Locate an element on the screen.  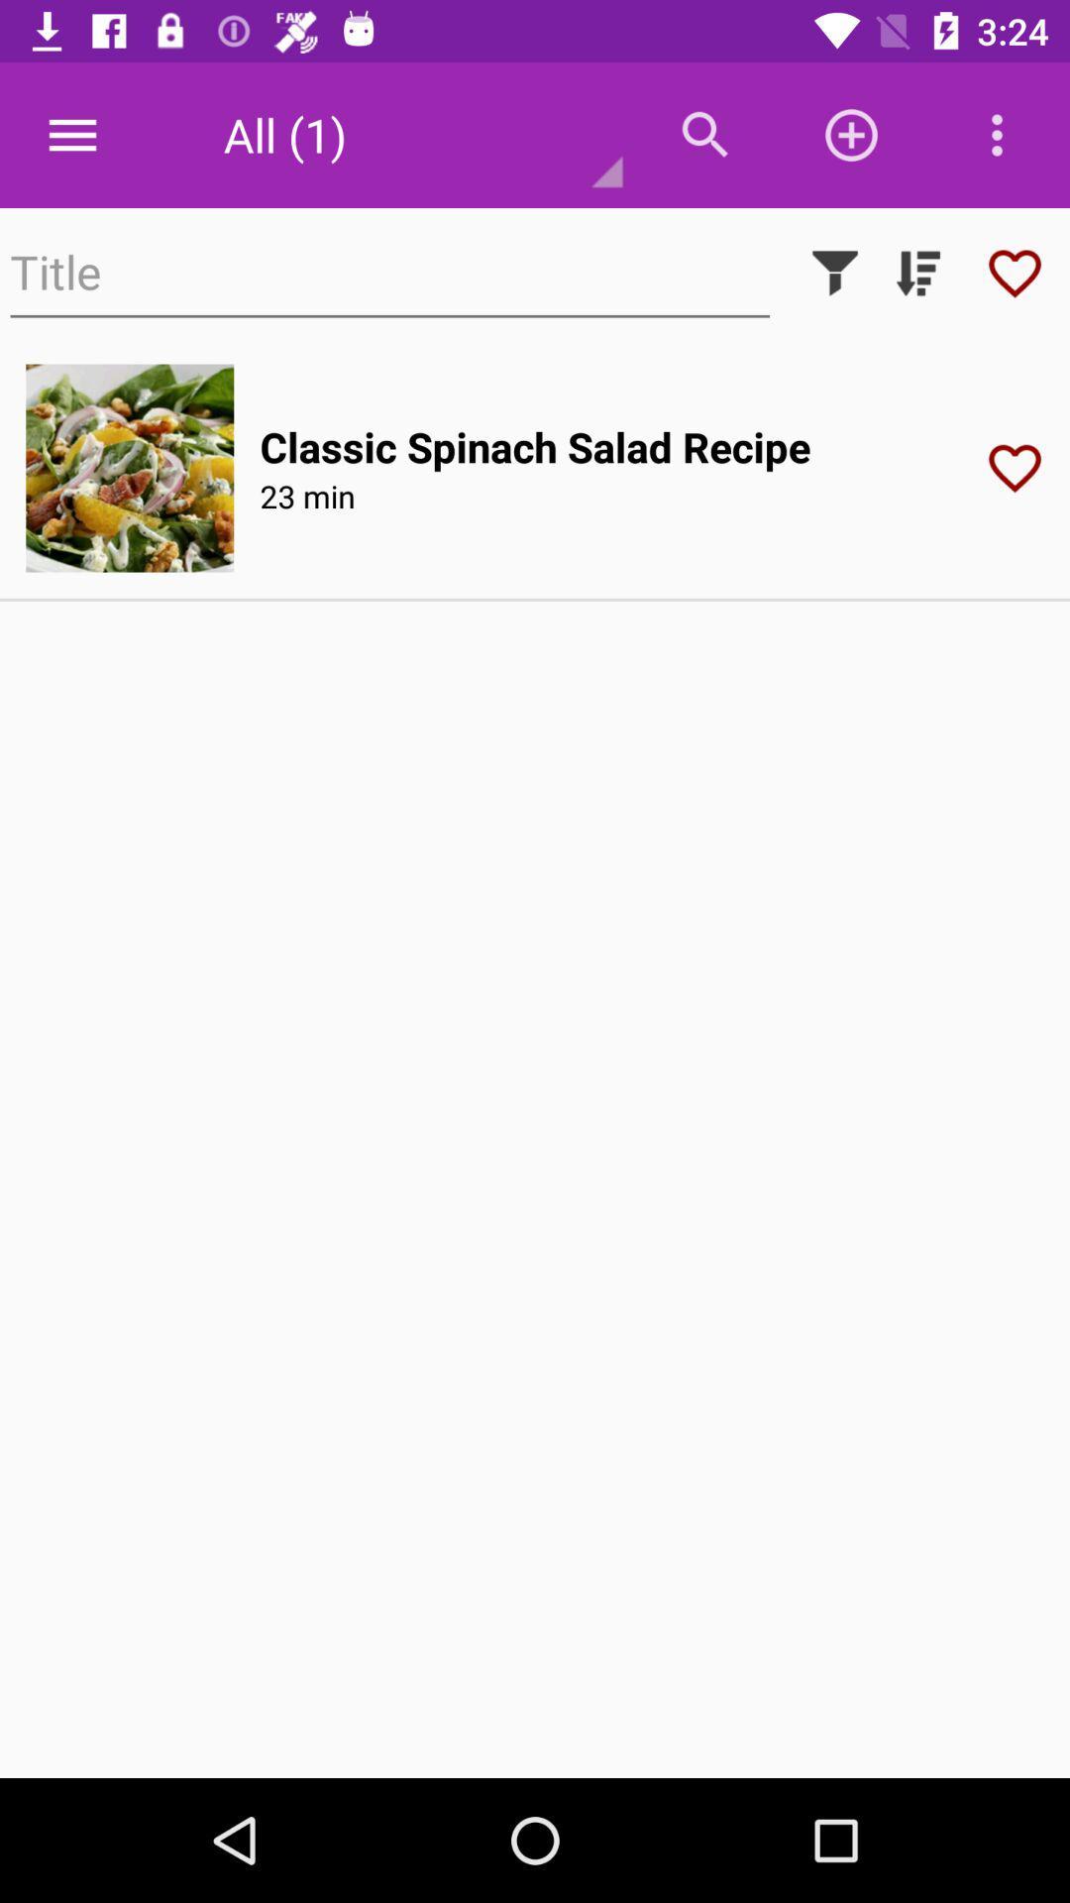
the favorite icon is located at coordinates (1015, 272).